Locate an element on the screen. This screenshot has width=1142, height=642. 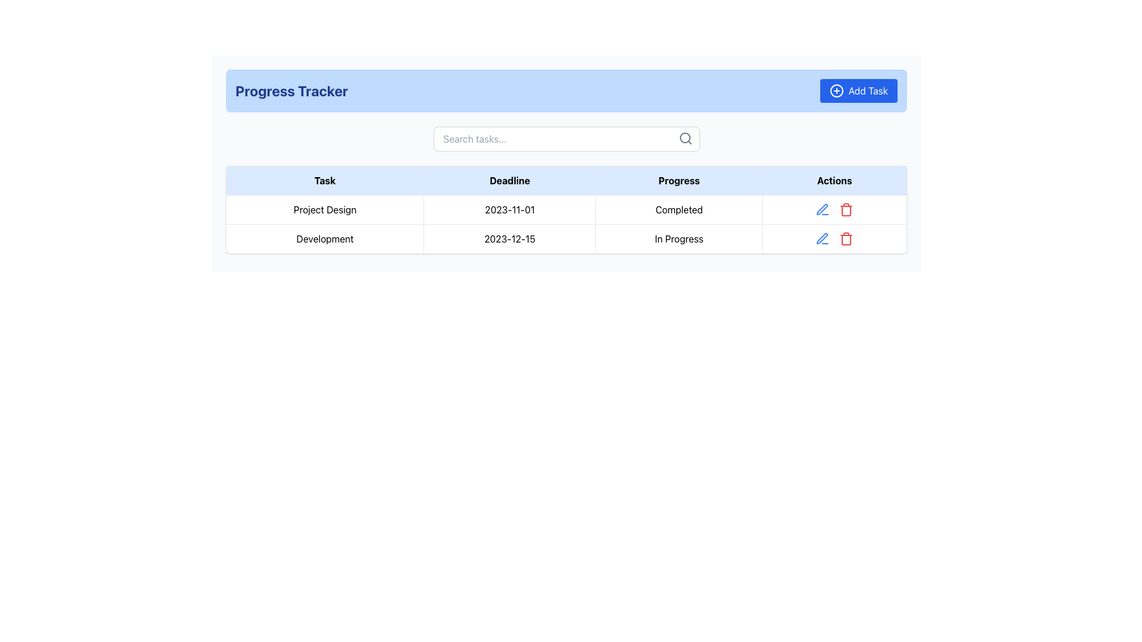
the static textual label 'In Progress' located in the 'Progress' column of the second row of the table corresponding to the 'Development' task is located at coordinates (679, 238).